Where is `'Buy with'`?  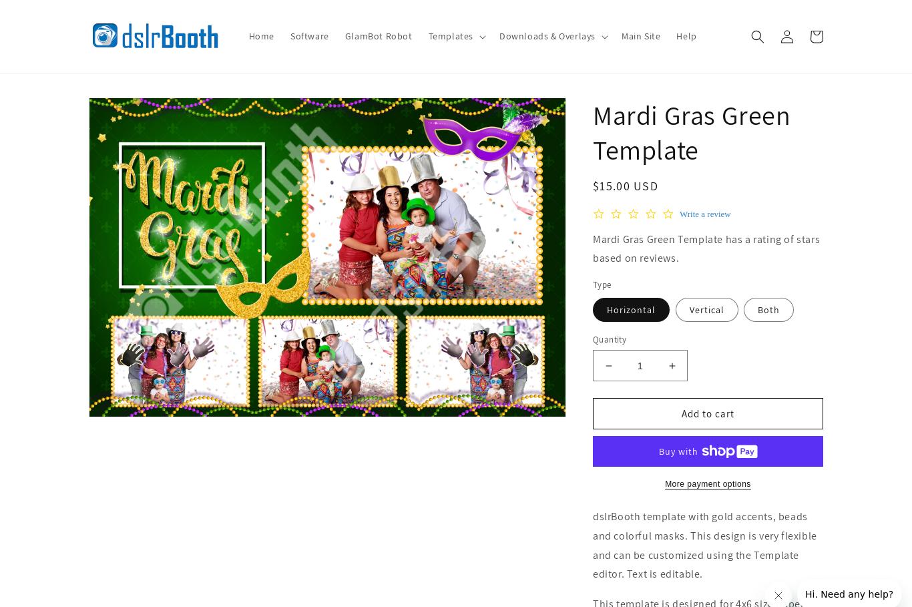 'Buy with' is located at coordinates (679, 451).